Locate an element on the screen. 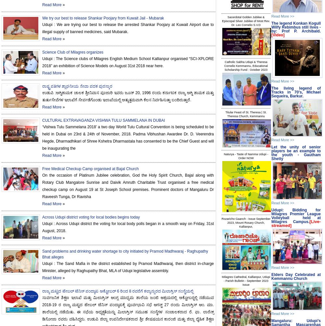 The width and height of the screenshot is (325, 326). 'CULTURAL EXTRAVAGANZA VISHWA TULU SAMMELANA IN DUBAI' is located at coordinates (103, 120).